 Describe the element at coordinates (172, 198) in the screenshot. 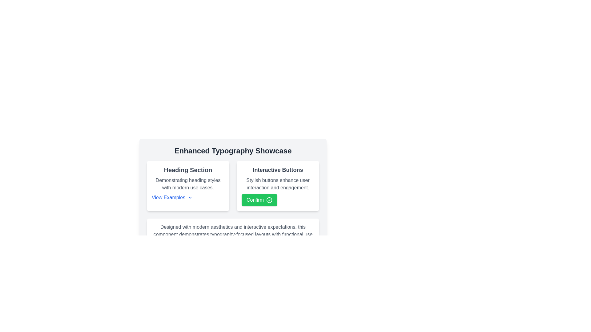

I see `the blue 'View Examples' button with a downwards arrow icon` at that location.